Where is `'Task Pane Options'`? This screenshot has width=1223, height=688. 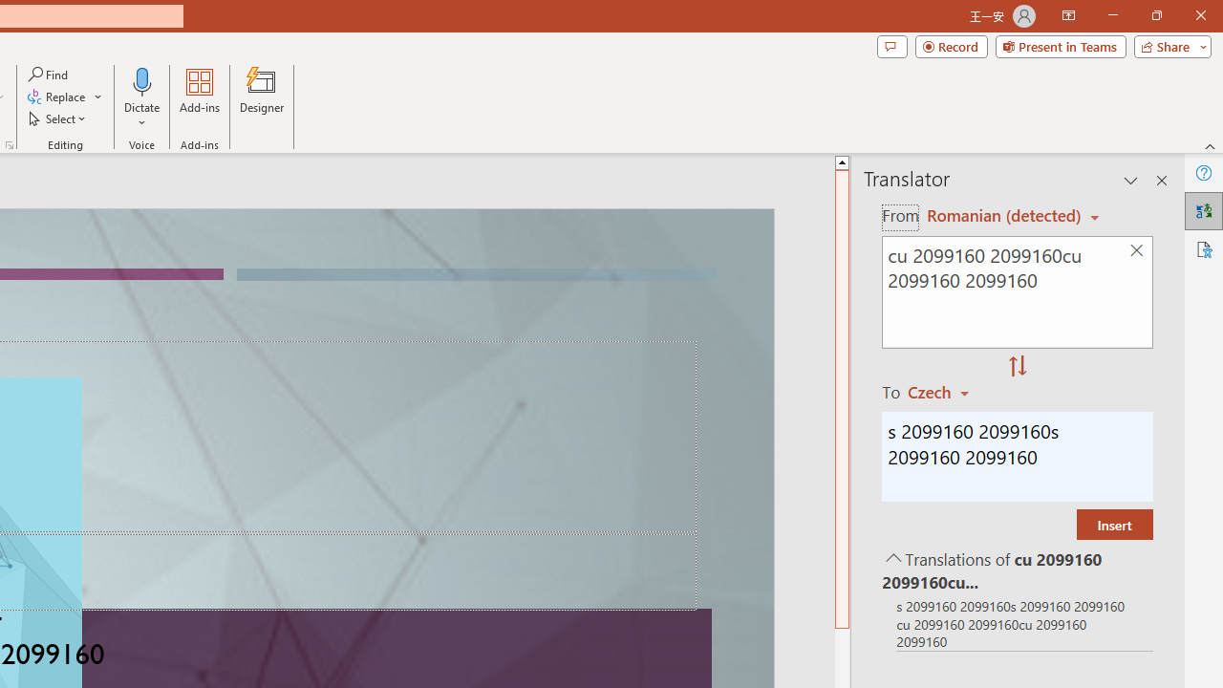
'Task Pane Options' is located at coordinates (1131, 181).